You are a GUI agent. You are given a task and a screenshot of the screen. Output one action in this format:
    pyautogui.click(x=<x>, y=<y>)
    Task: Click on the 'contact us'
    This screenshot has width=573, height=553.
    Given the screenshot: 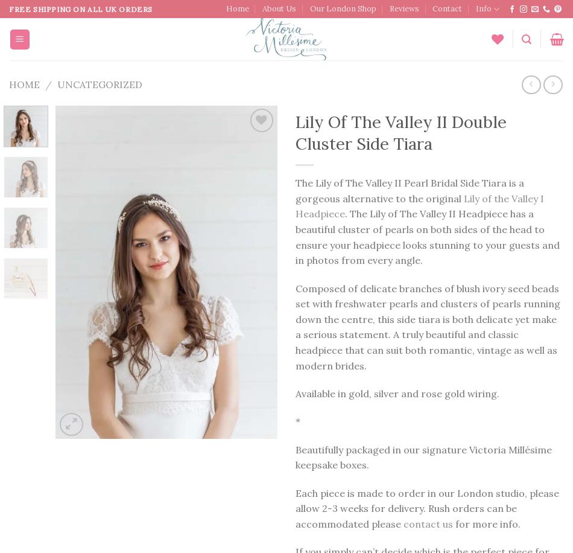 What is the action you would take?
    pyautogui.click(x=428, y=522)
    